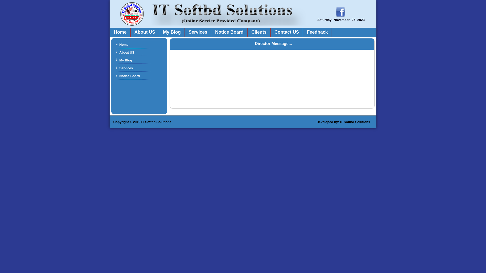 The image size is (486, 273). Describe the element at coordinates (139, 44) in the screenshot. I see `'Home'` at that location.